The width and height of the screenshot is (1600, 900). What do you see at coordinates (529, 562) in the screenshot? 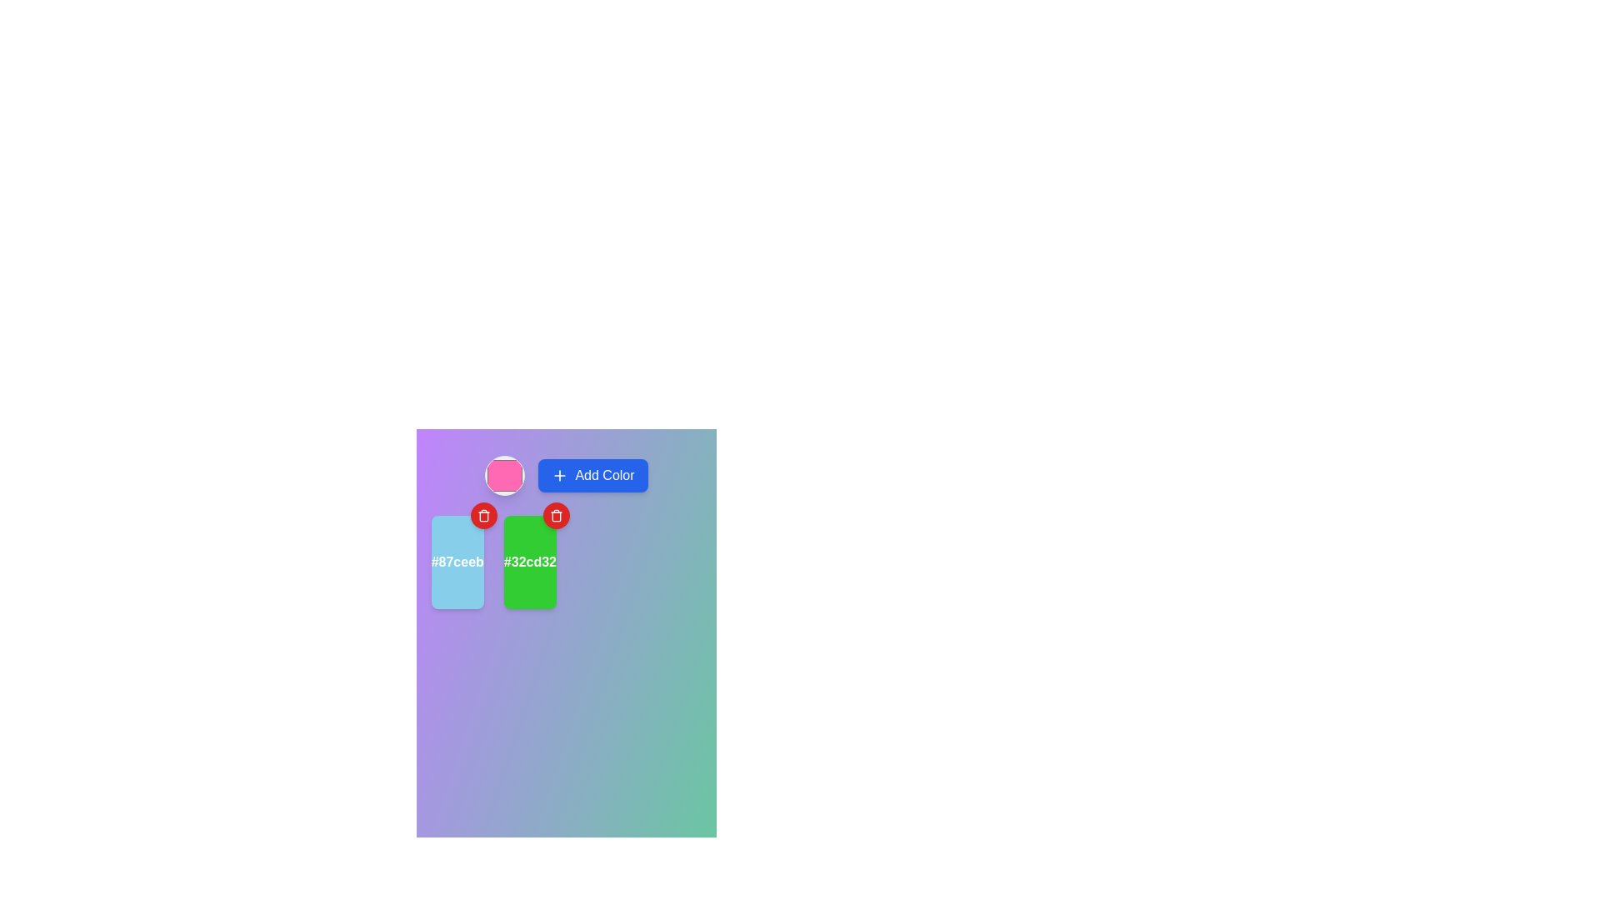
I see `the color display card, which is the second color box from the left in a row beneath the header section, to highlight or select the color` at bounding box center [529, 562].